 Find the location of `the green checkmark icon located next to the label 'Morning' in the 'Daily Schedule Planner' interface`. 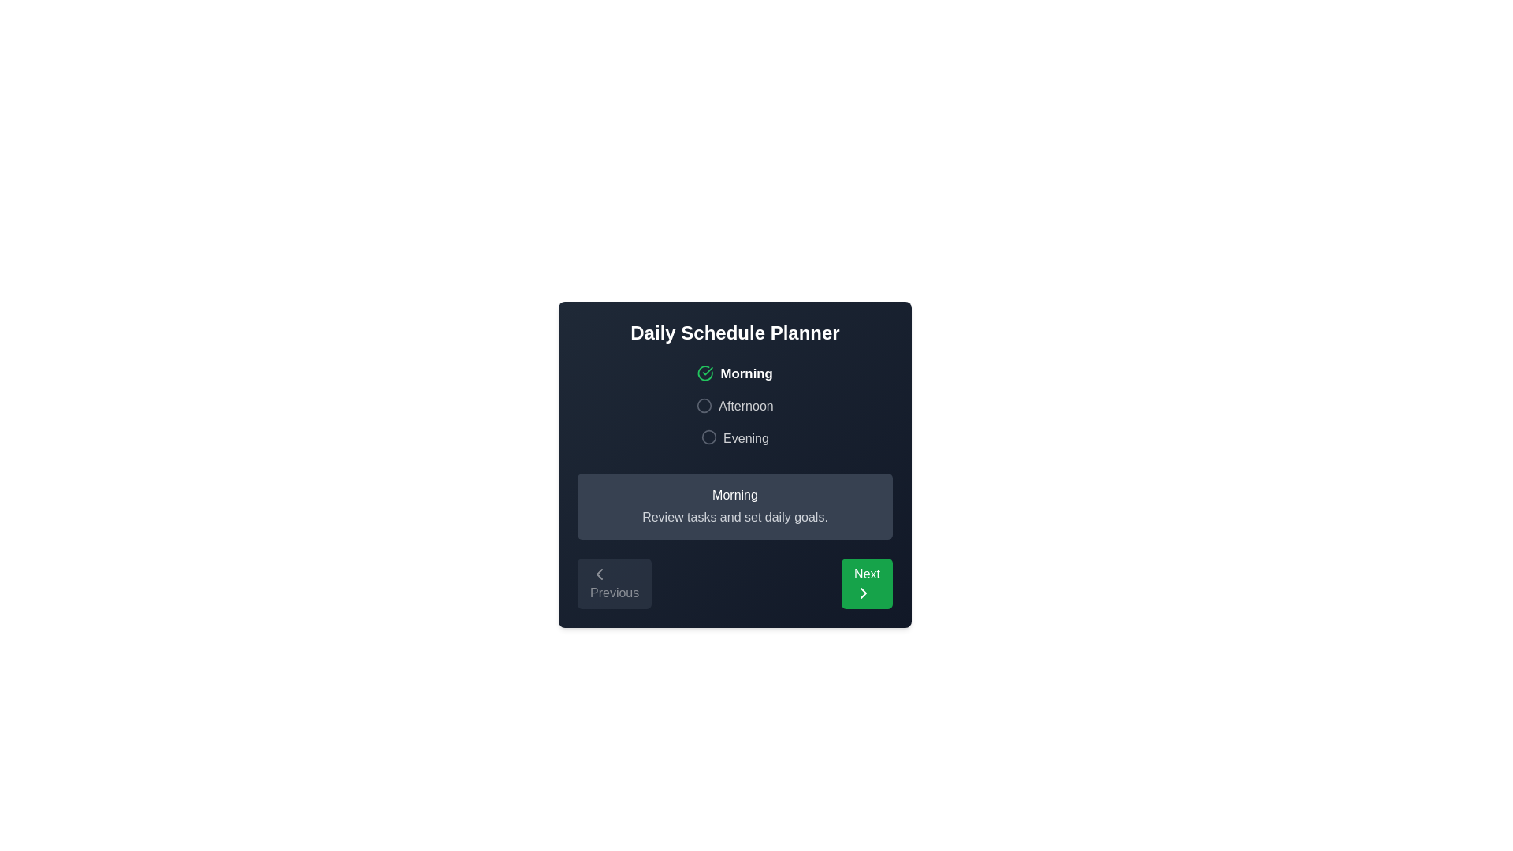

the green checkmark icon located next to the label 'Morning' in the 'Daily Schedule Planner' interface is located at coordinates (707, 371).